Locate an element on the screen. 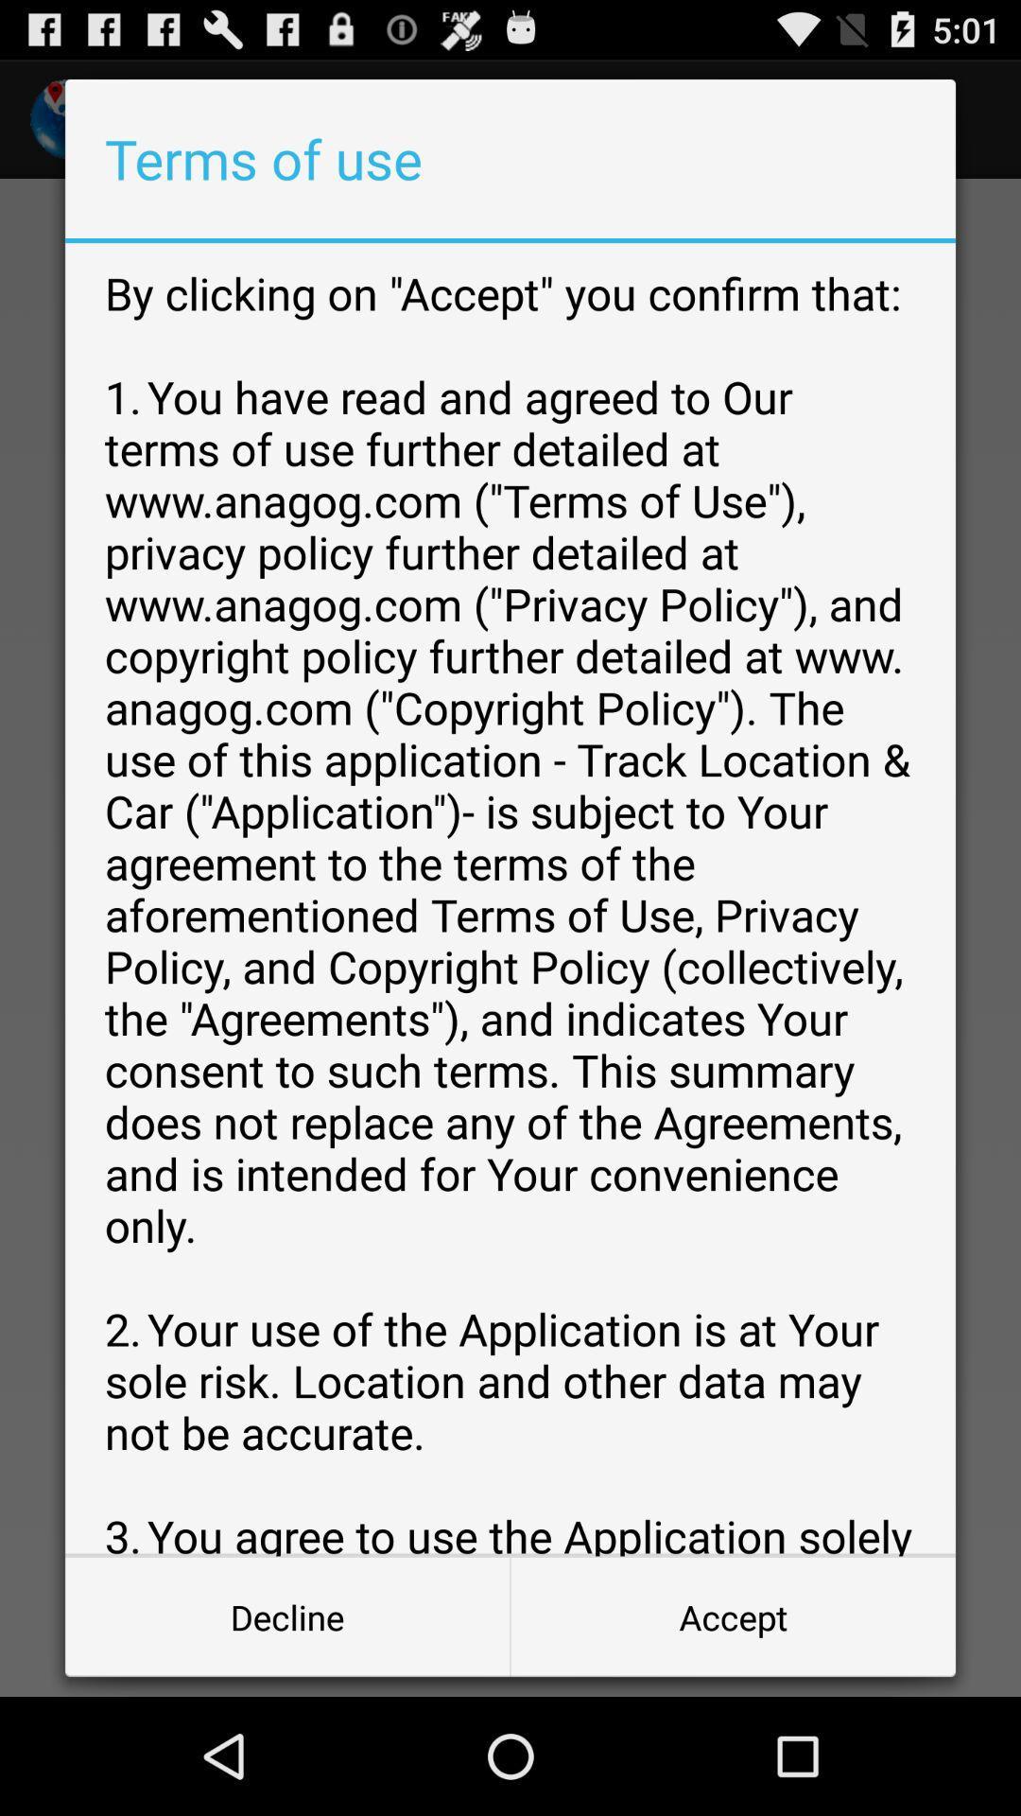 Image resolution: width=1021 pixels, height=1816 pixels. button at the bottom left corner is located at coordinates (287, 1615).